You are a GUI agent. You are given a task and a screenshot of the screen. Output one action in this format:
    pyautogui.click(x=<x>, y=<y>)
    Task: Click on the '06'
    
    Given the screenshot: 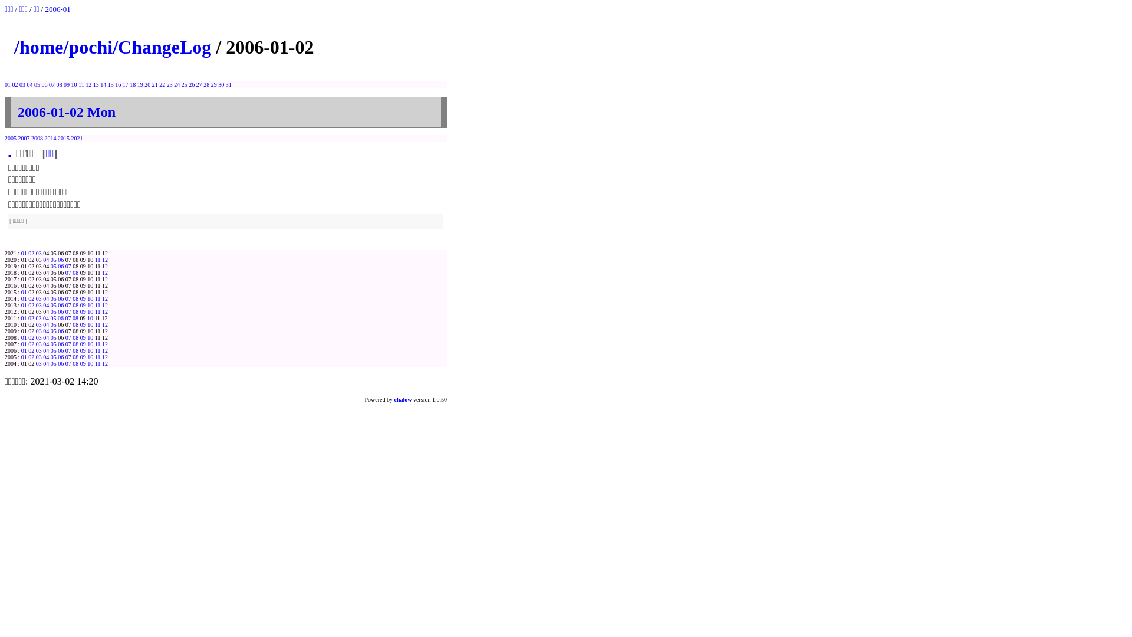 What is the action you would take?
    pyautogui.click(x=60, y=304)
    